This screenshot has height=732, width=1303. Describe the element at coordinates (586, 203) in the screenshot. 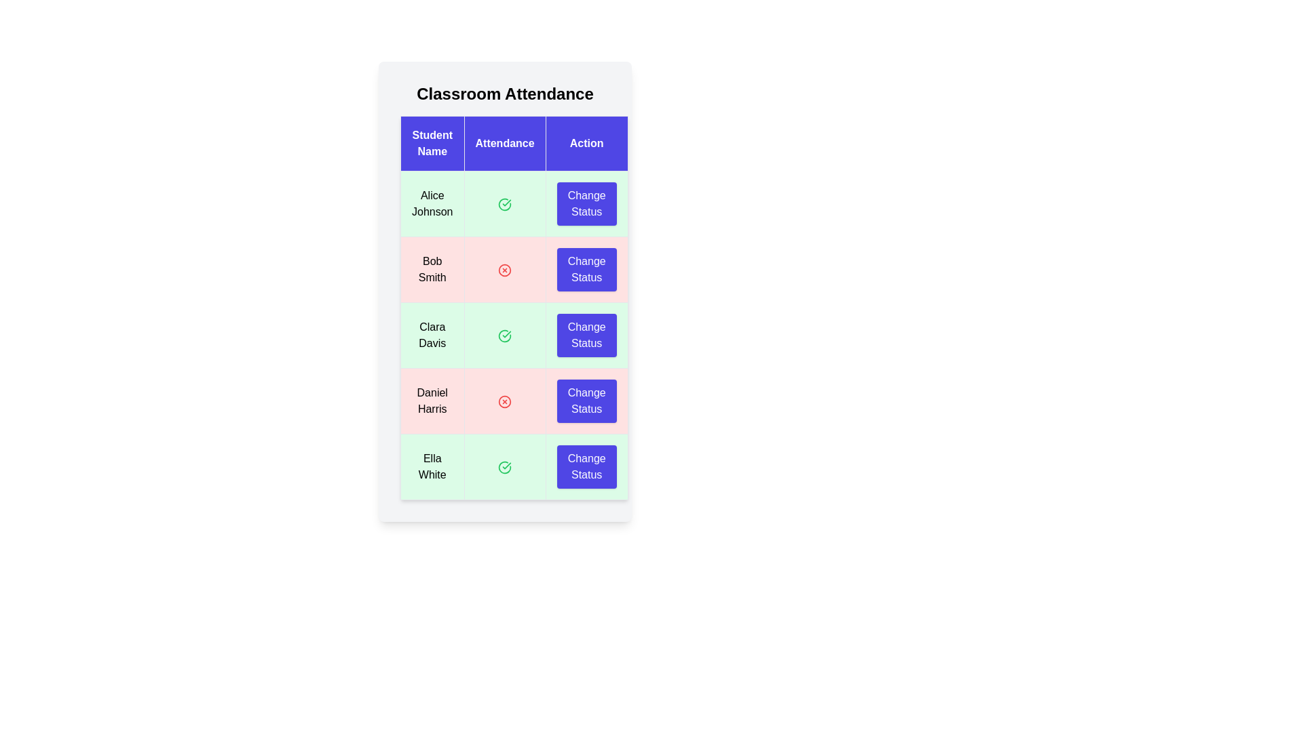

I see `the 'Change Status' button for a specific student to toggle their attendance status` at that location.